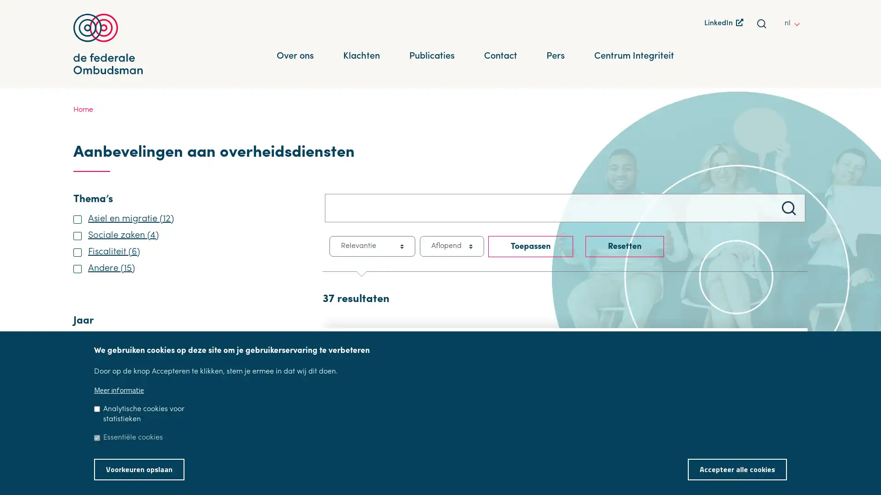  Describe the element at coordinates (139, 469) in the screenshot. I see `Voorkeuren opslaan` at that location.